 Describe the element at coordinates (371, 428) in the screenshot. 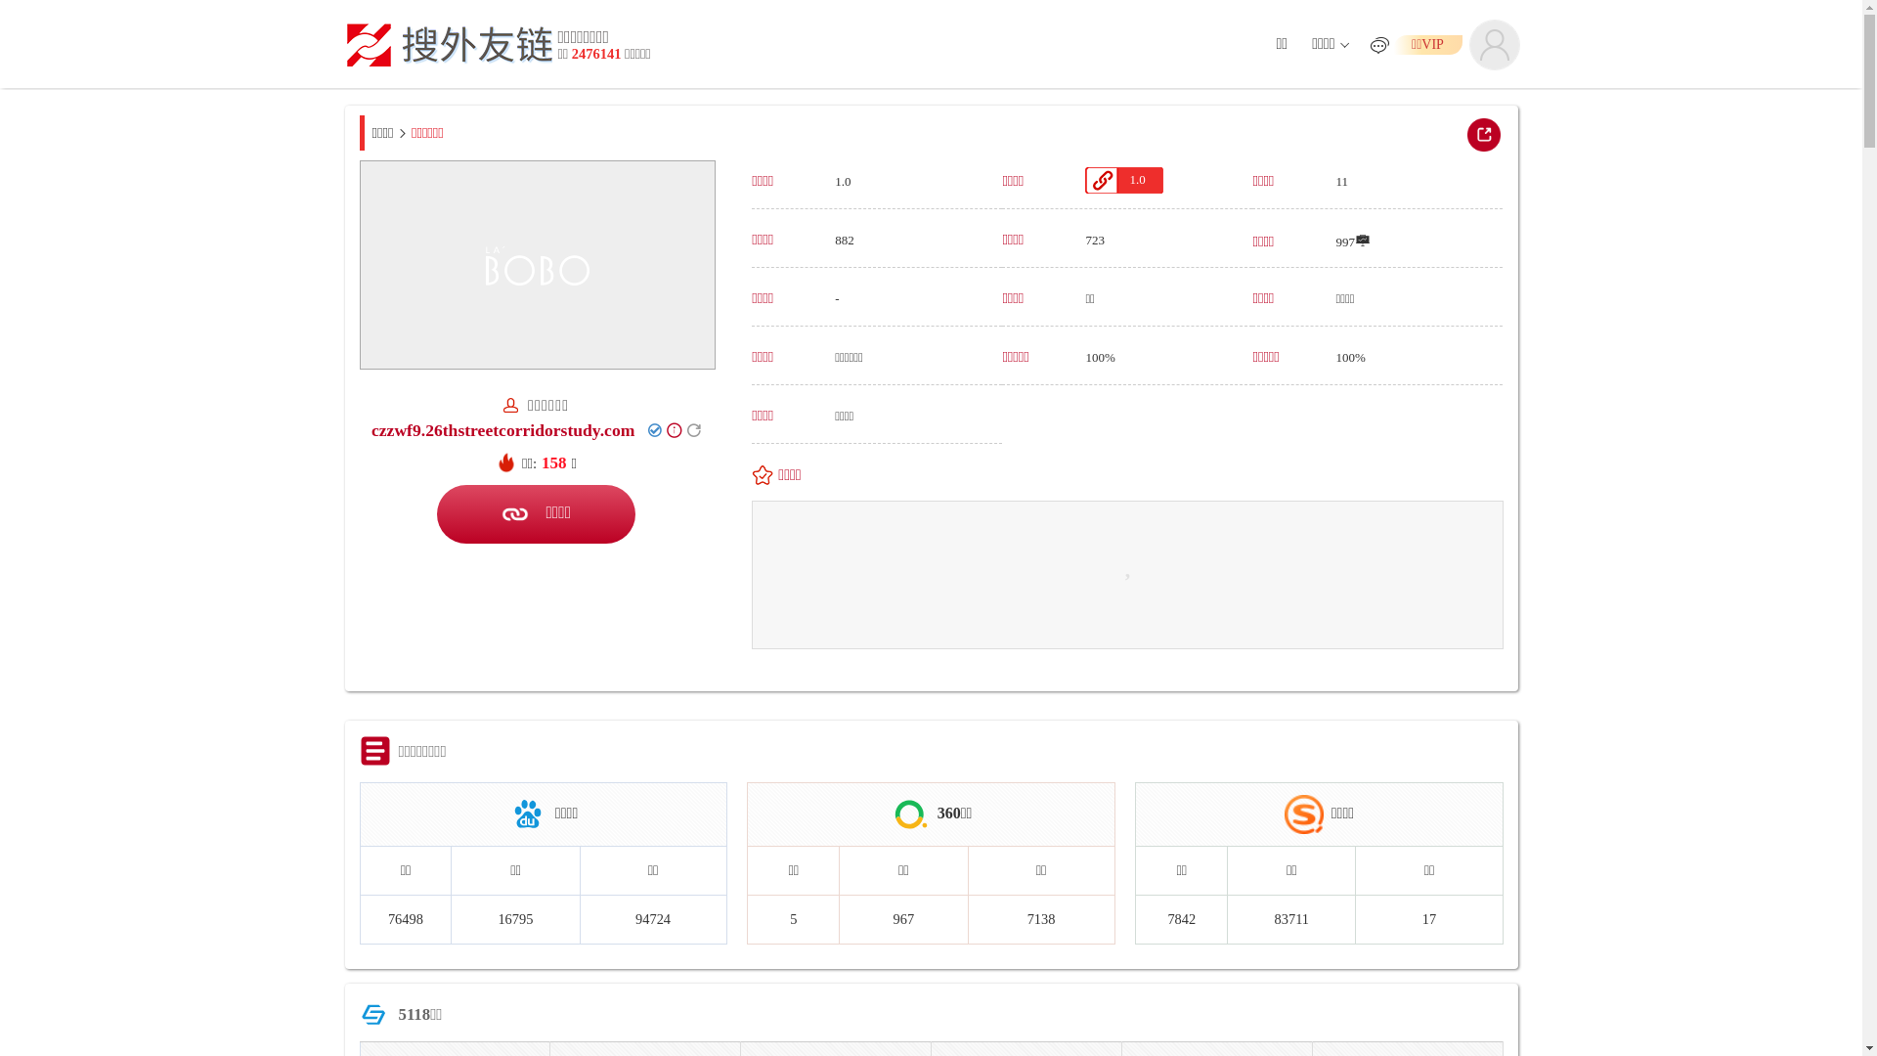

I see `'czzwf9.26thstreetcorridorstudy.com'` at that location.